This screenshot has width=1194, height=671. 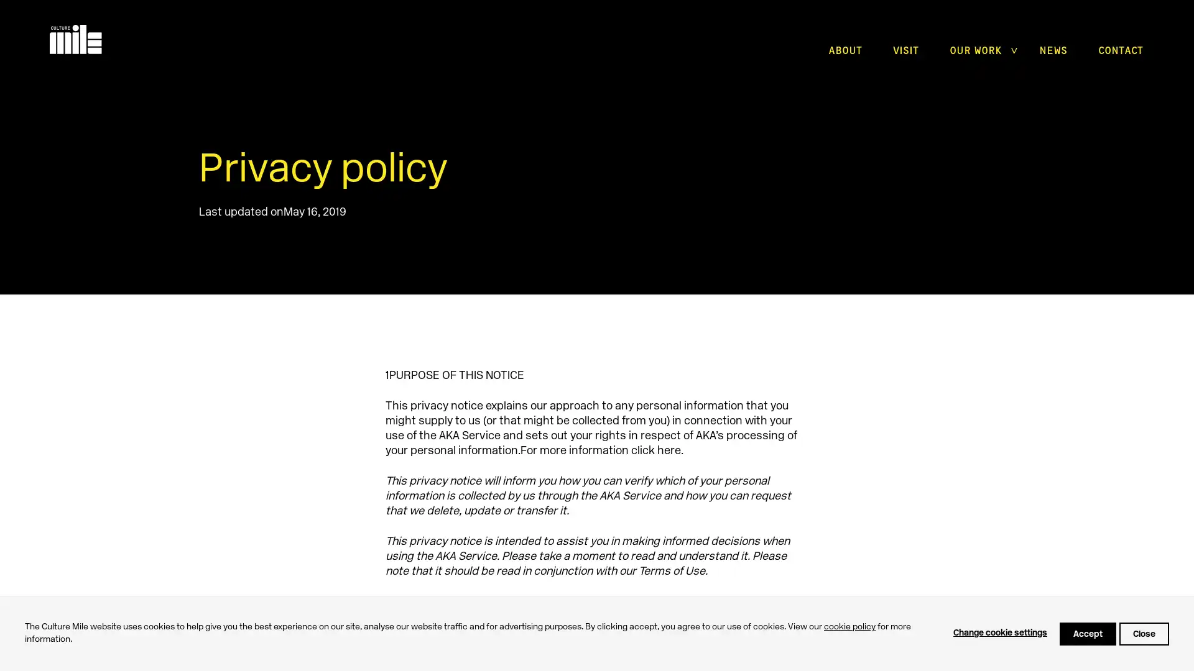 What do you see at coordinates (1144, 633) in the screenshot?
I see `Close` at bounding box center [1144, 633].